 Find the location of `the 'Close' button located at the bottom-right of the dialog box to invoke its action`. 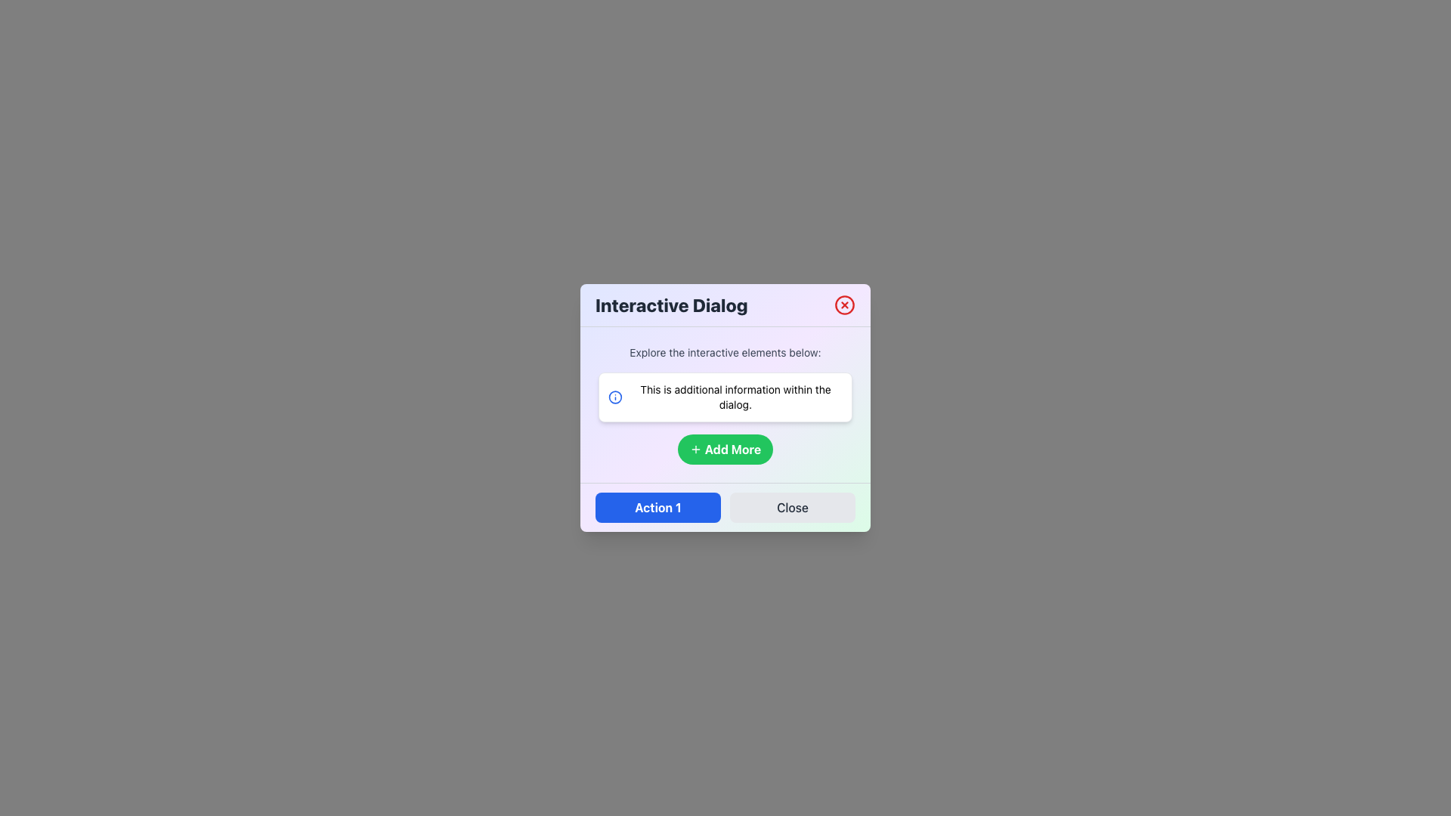

the 'Close' button located at the bottom-right of the dialog box to invoke its action is located at coordinates (792, 507).